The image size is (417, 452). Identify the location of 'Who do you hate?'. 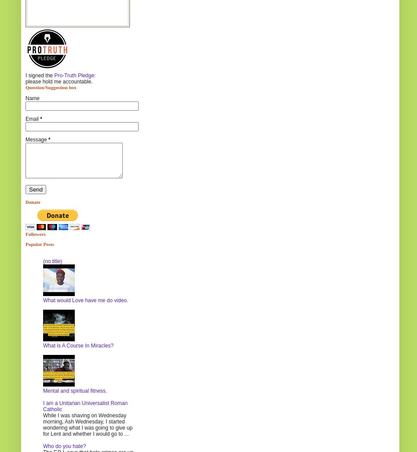
(64, 445).